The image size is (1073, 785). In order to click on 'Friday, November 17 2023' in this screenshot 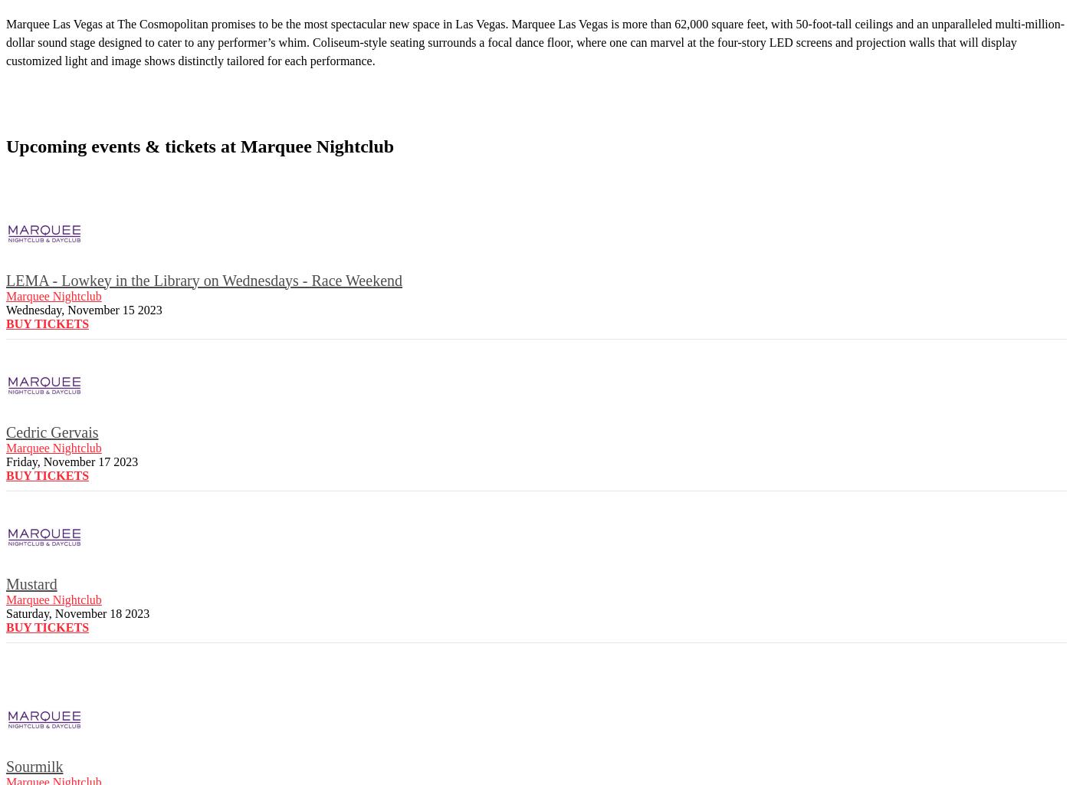, I will do `click(71, 461)`.